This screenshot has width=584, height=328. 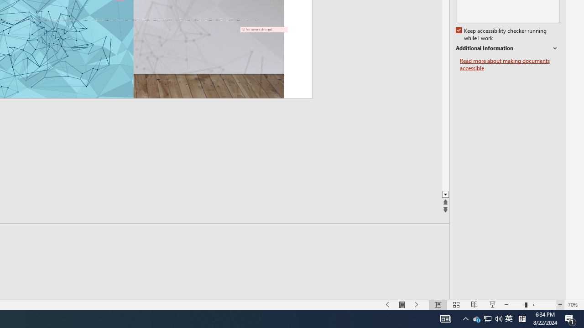 What do you see at coordinates (417, 305) in the screenshot?
I see `'Slide Show Next On'` at bounding box center [417, 305].